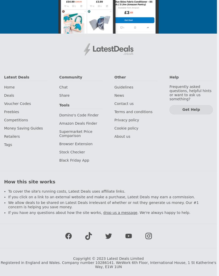  What do you see at coordinates (119, 95) in the screenshot?
I see `'News'` at bounding box center [119, 95].